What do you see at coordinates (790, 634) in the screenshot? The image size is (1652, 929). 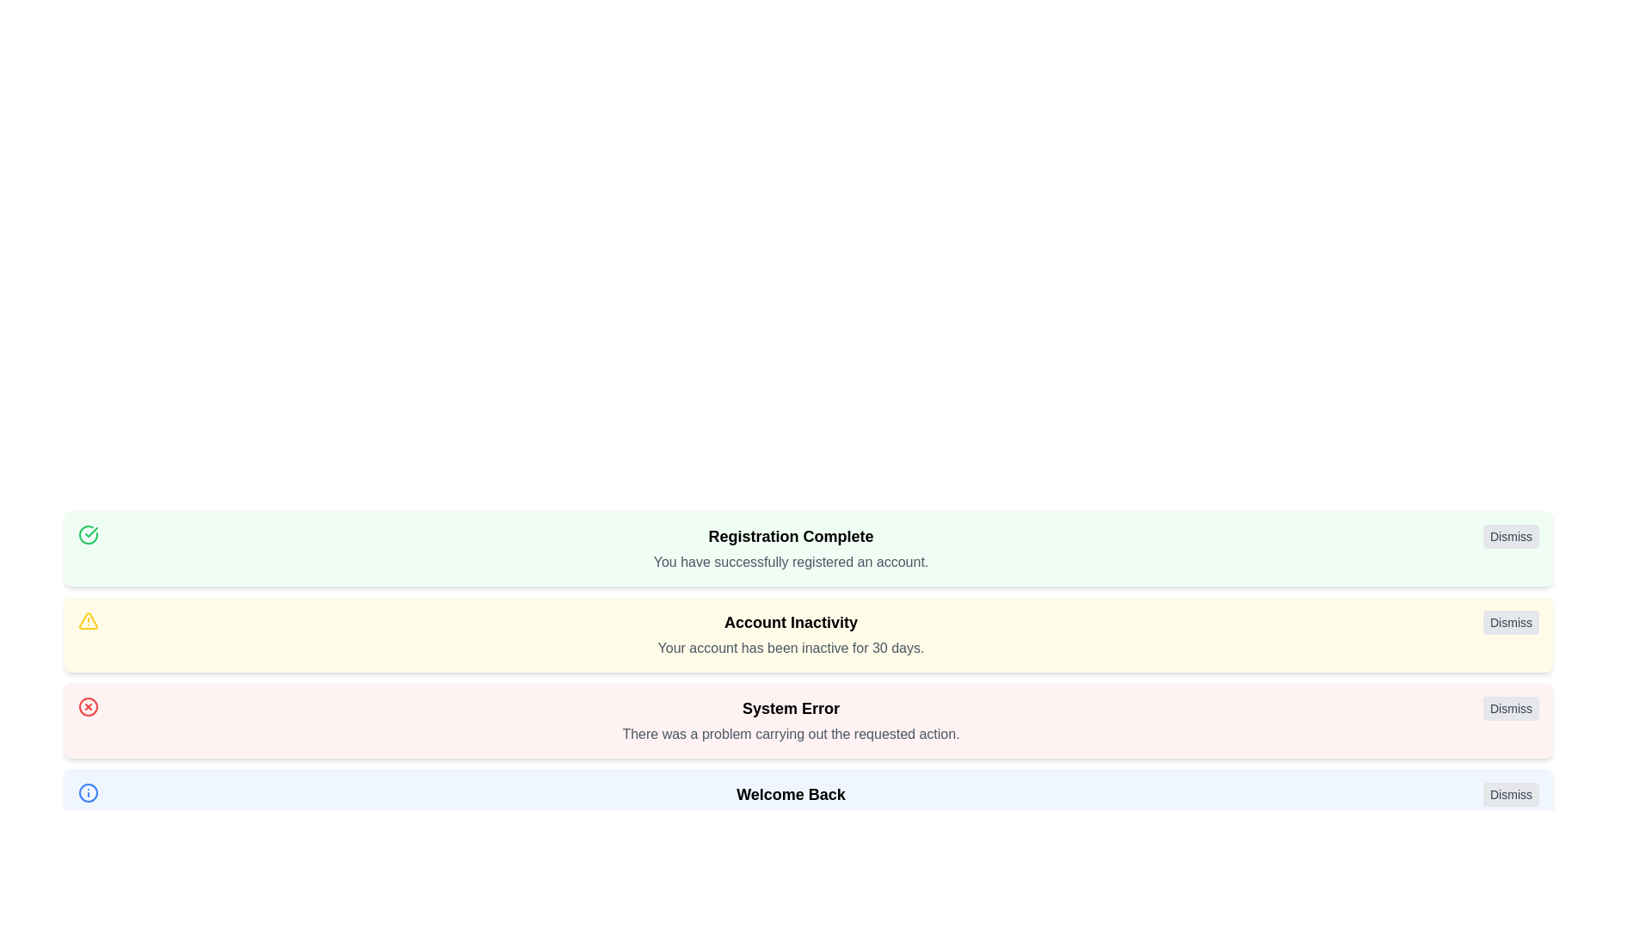 I see `the non-interactive text block that informs the user about their account inactivity status, located in the second yellow notification card in the stack` at bounding box center [790, 634].